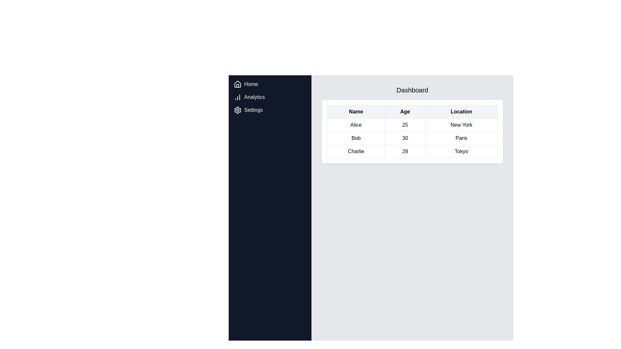 This screenshot has width=621, height=349. What do you see at coordinates (412, 138) in the screenshot?
I see `the second row of the data table displaying information for 'Bob', aged 30, residing in Paris` at bounding box center [412, 138].